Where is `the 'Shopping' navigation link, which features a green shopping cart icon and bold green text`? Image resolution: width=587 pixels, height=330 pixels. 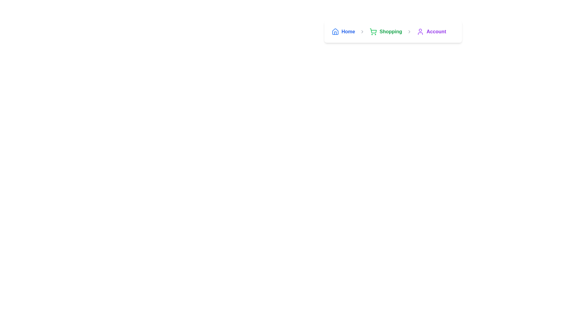 the 'Shopping' navigation link, which features a green shopping cart icon and bold green text is located at coordinates (386, 32).